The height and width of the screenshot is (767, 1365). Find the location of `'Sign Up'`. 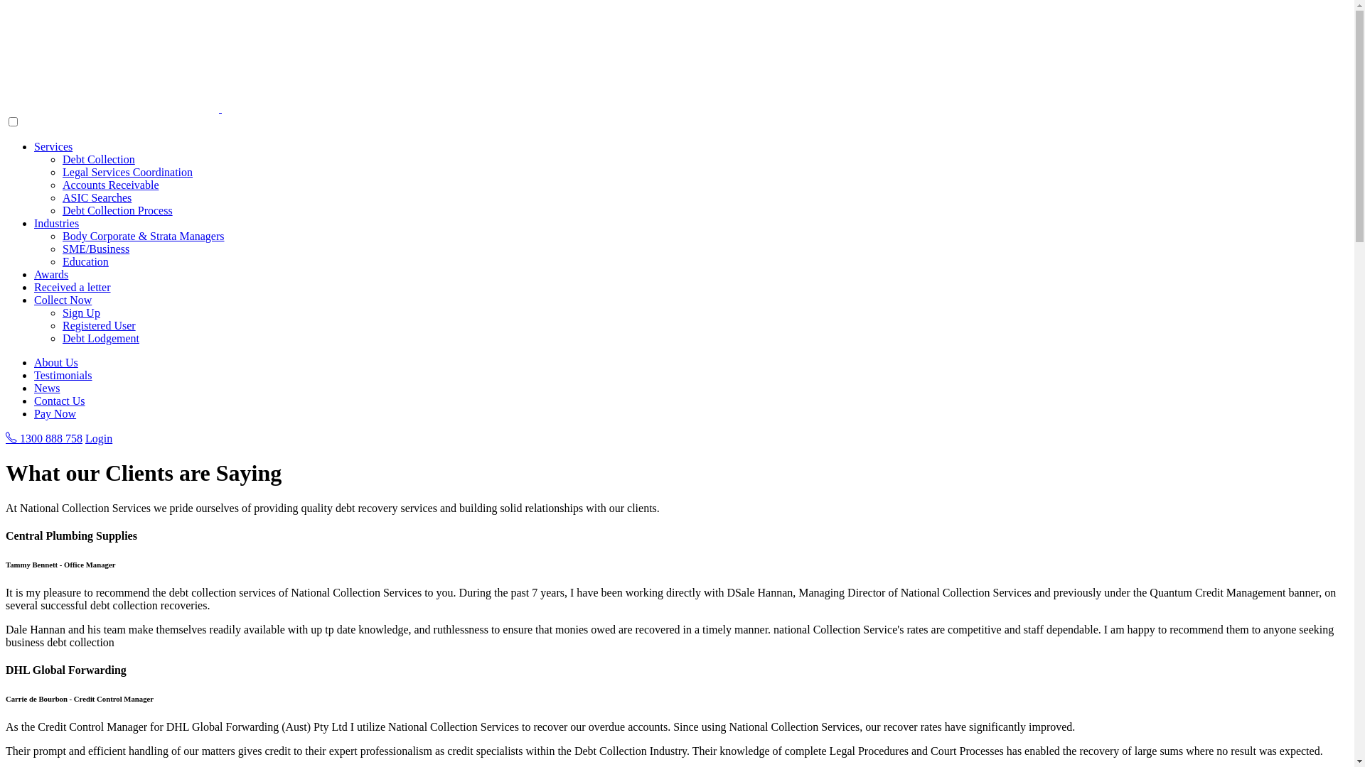

'Sign Up' is located at coordinates (80, 312).